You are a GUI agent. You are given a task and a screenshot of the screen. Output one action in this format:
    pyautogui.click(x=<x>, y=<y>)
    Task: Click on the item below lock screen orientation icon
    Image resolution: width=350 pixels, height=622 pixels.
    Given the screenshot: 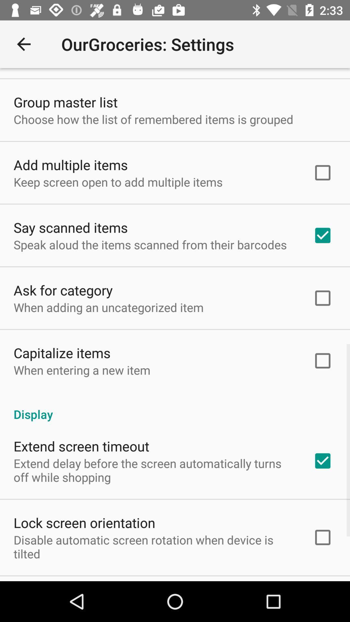 What is the action you would take?
    pyautogui.click(x=155, y=546)
    